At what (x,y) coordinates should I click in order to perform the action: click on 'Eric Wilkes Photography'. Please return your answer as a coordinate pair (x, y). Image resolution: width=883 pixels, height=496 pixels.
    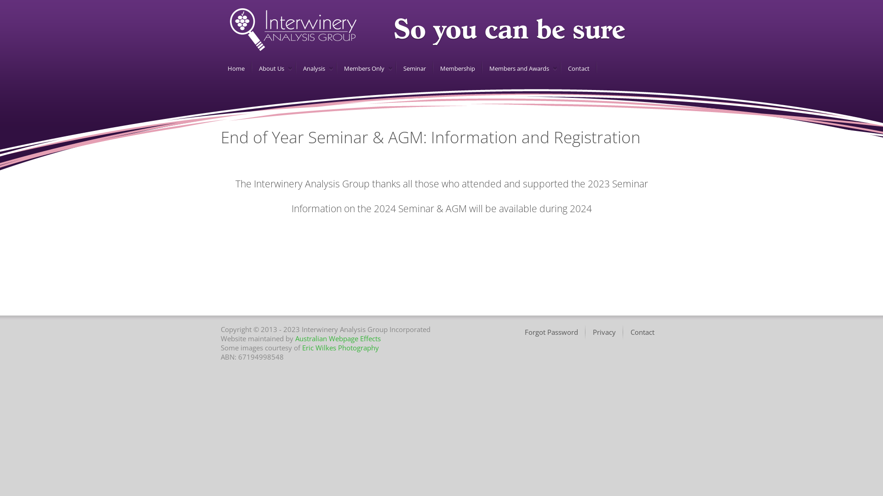
    Looking at the image, I should click on (340, 347).